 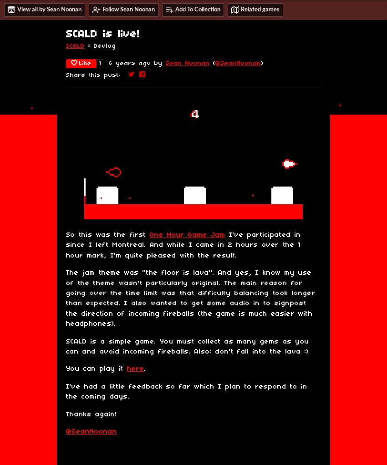 What do you see at coordinates (136, 368) in the screenshot?
I see `'here'` at bounding box center [136, 368].